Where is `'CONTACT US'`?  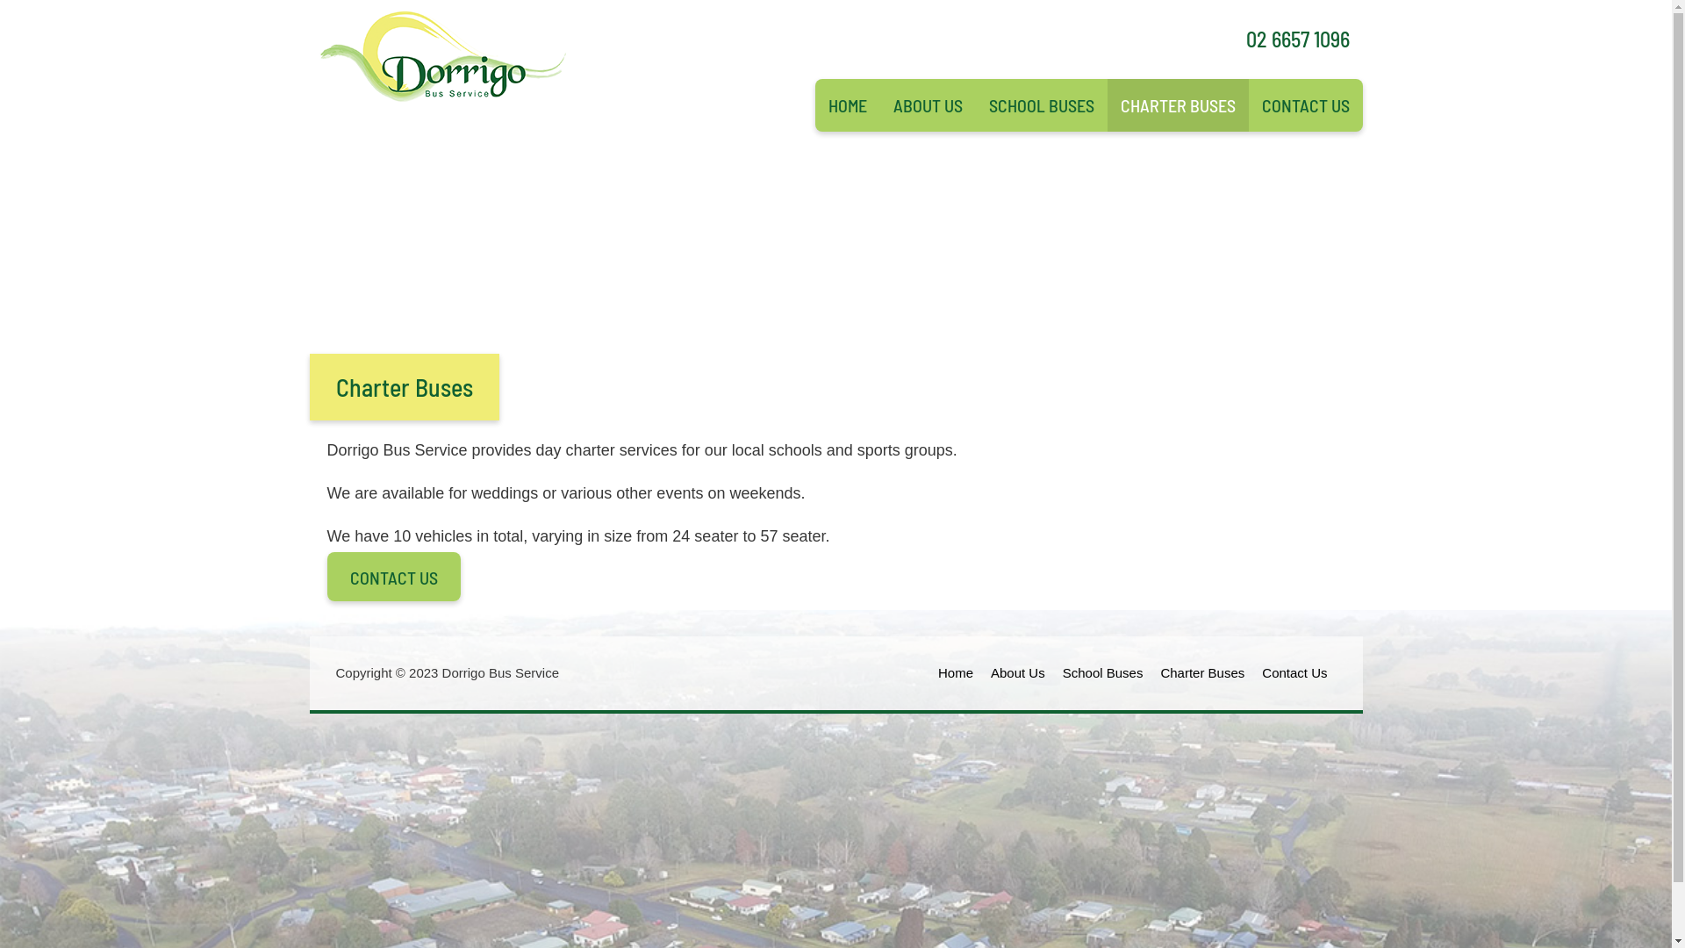
'CONTACT US' is located at coordinates (392, 577).